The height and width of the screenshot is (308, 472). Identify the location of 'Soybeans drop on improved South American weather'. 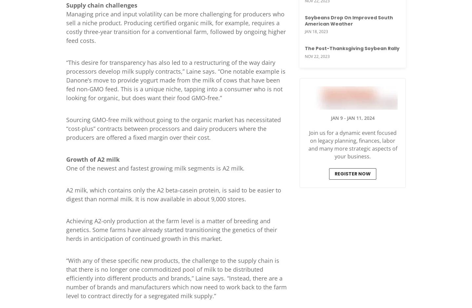
(305, 20).